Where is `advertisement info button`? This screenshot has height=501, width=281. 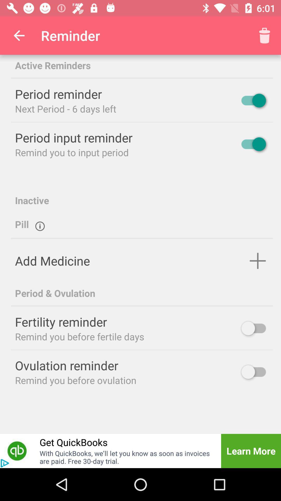
advertisement info button is located at coordinates (5, 463).